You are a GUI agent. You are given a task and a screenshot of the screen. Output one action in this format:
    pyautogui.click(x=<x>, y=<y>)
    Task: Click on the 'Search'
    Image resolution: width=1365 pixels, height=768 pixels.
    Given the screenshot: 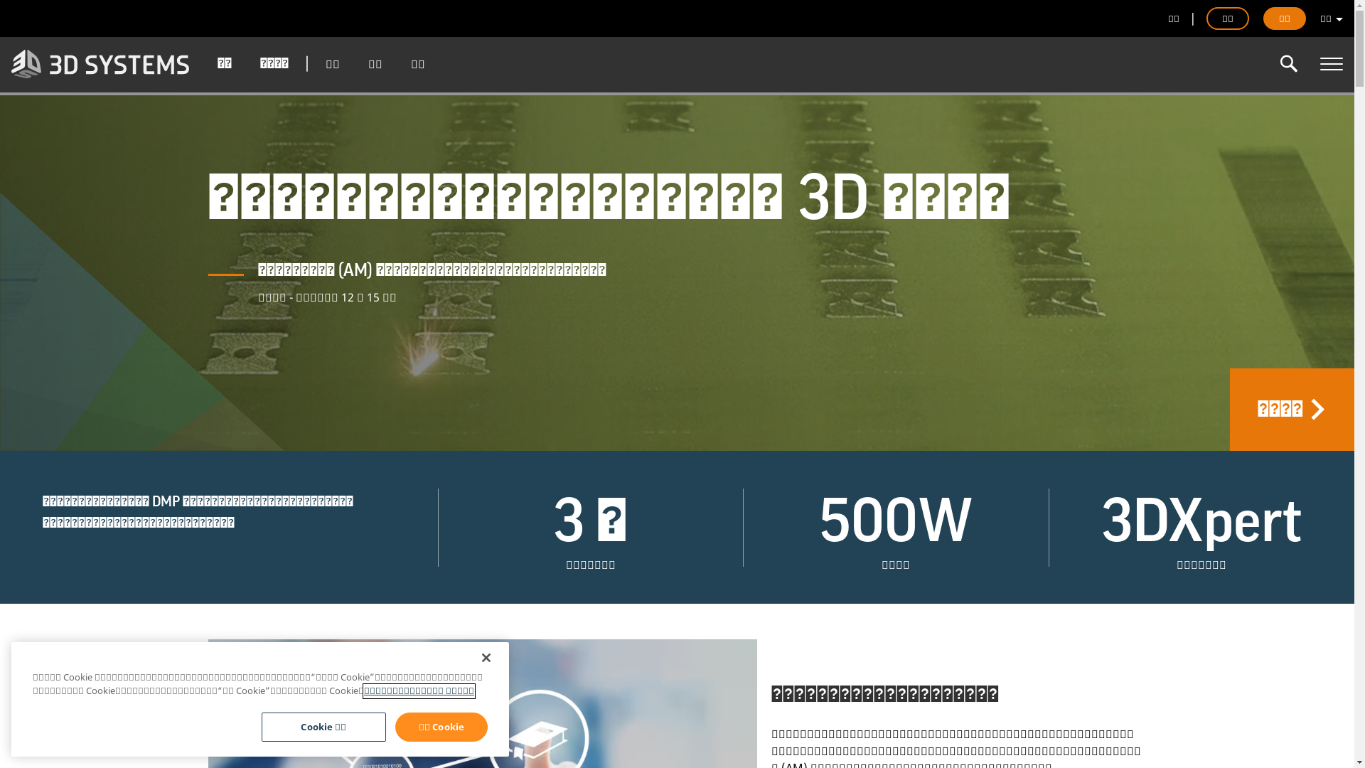 What is the action you would take?
    pyautogui.click(x=1289, y=63)
    